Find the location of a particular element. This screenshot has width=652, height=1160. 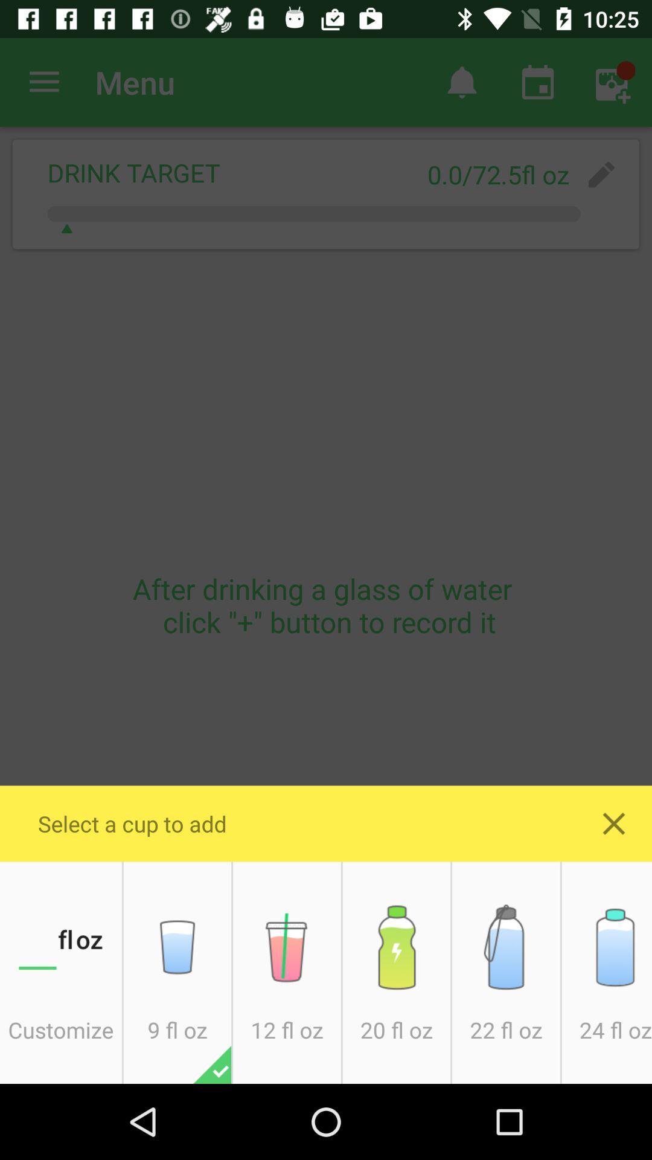

close is located at coordinates (614, 823).